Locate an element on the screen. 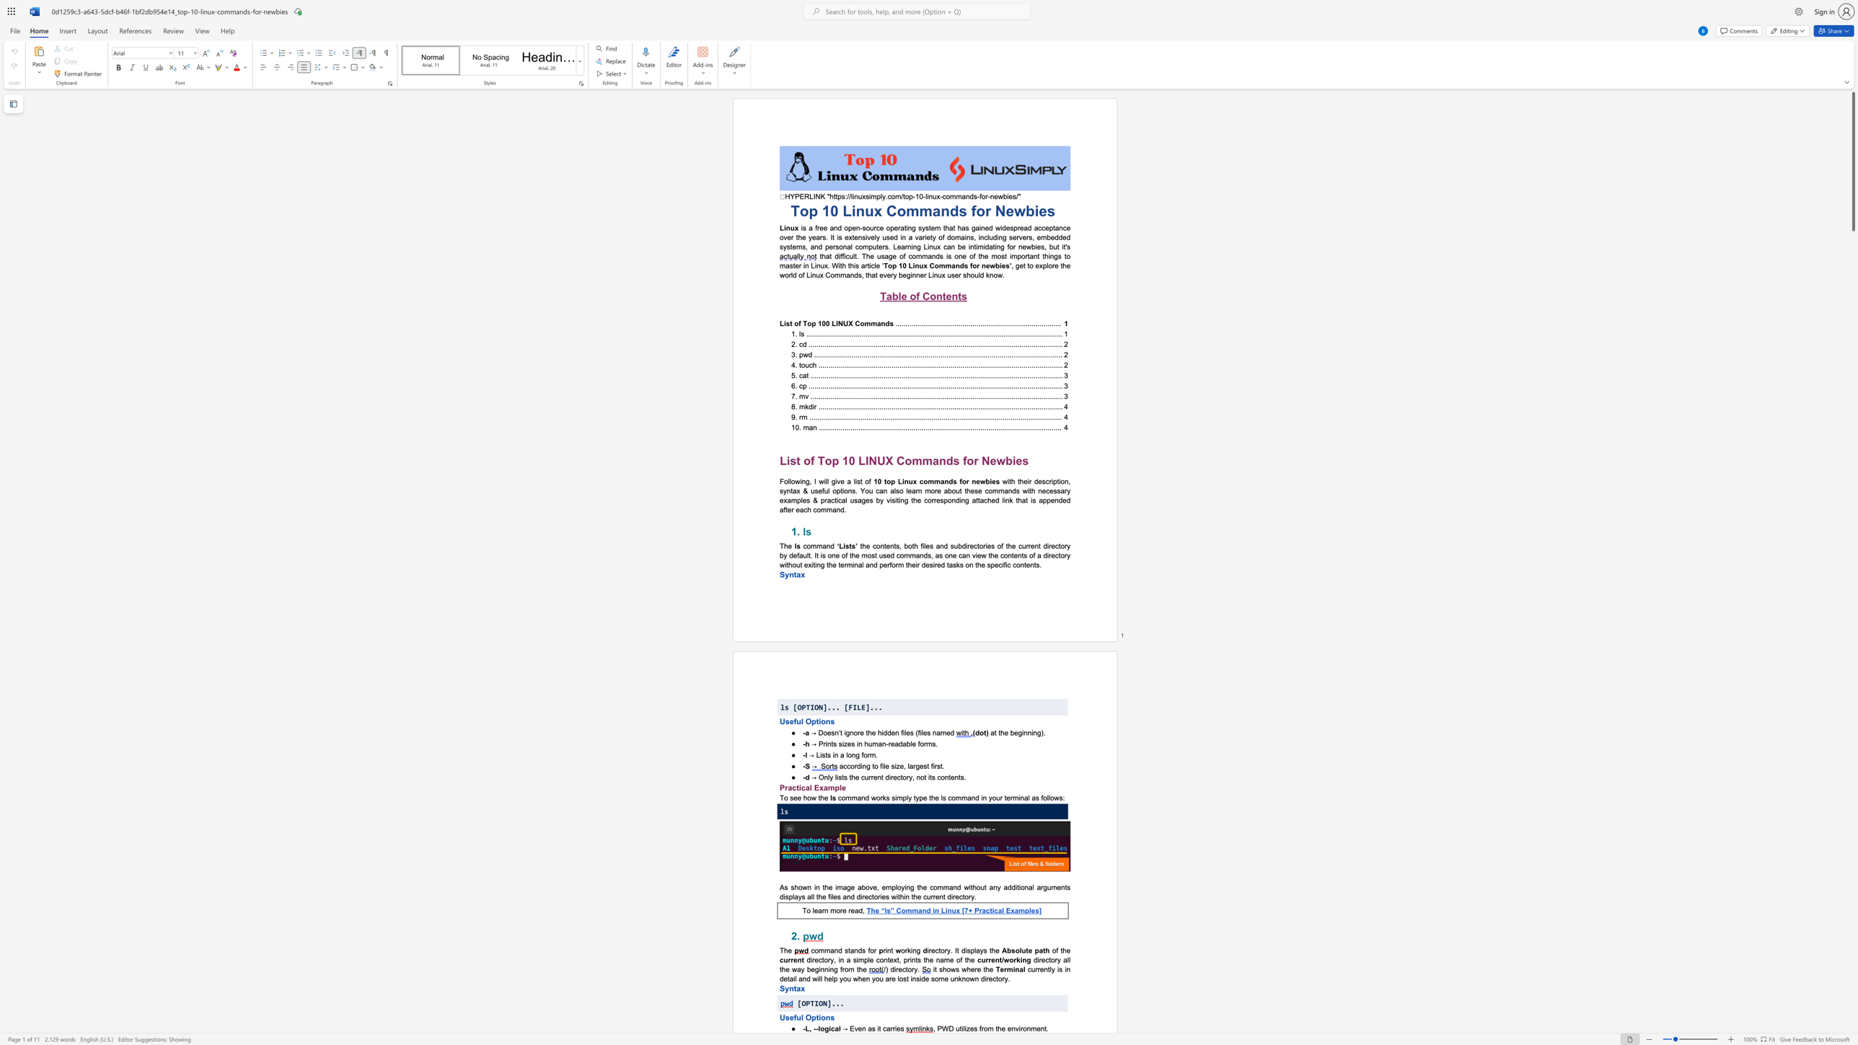 This screenshot has width=1858, height=1045. the subset text "cal" within the text "The “ls” Command in Linux [7+ Practical Examples]" is located at coordinates (993, 911).